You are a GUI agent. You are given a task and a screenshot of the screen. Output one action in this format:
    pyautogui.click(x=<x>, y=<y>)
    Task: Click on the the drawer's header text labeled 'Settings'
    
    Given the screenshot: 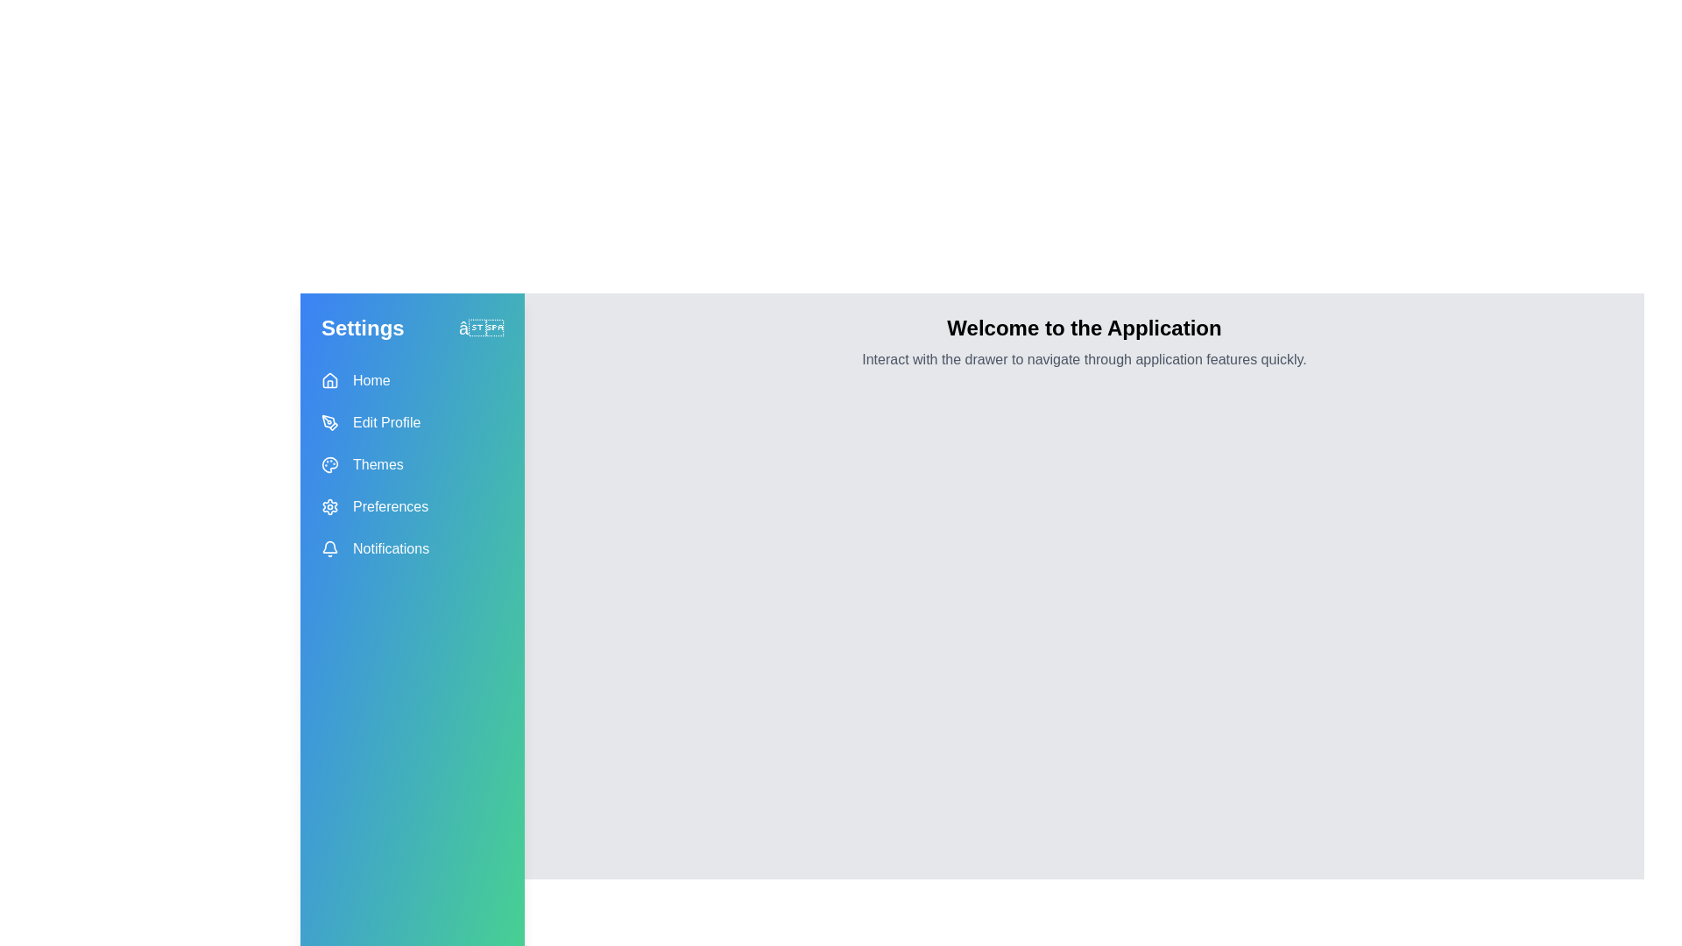 What is the action you would take?
    pyautogui.click(x=361, y=328)
    